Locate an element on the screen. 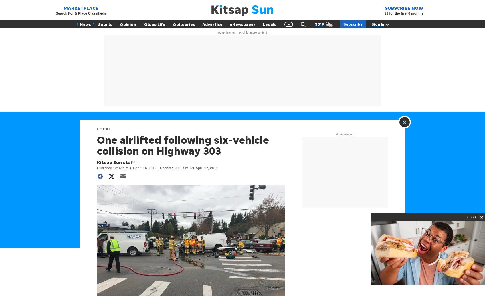 The height and width of the screenshot is (296, 485). 'Kitsap Life' is located at coordinates (154, 24).